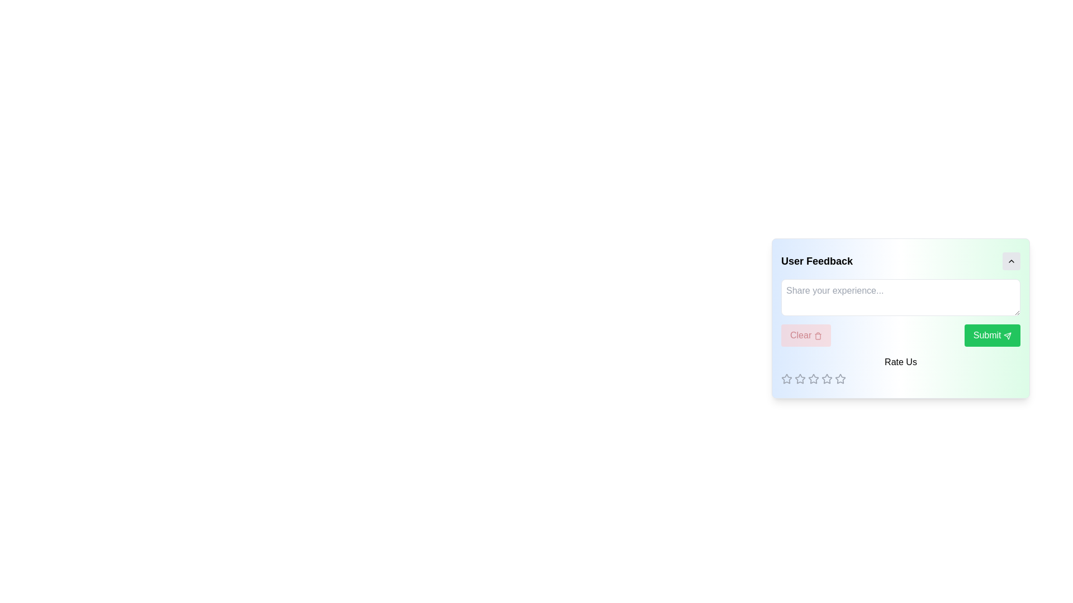 The width and height of the screenshot is (1073, 603). What do you see at coordinates (799, 378) in the screenshot?
I see `the second star icon in the sequence of five star icons located near the bottom section of the feedback form` at bounding box center [799, 378].